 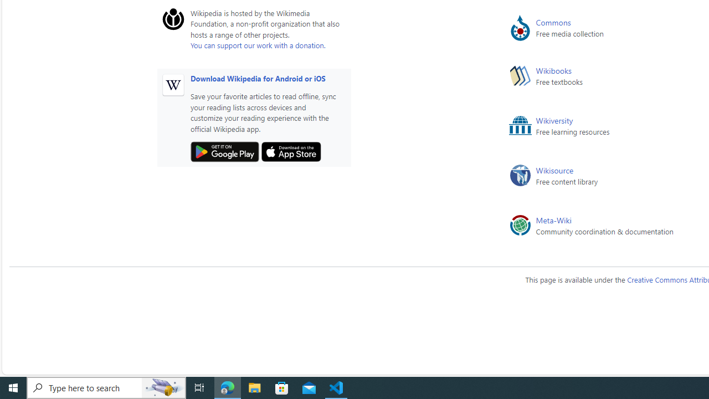 What do you see at coordinates (291, 152) in the screenshot?
I see `'Apple App Store'` at bounding box center [291, 152].